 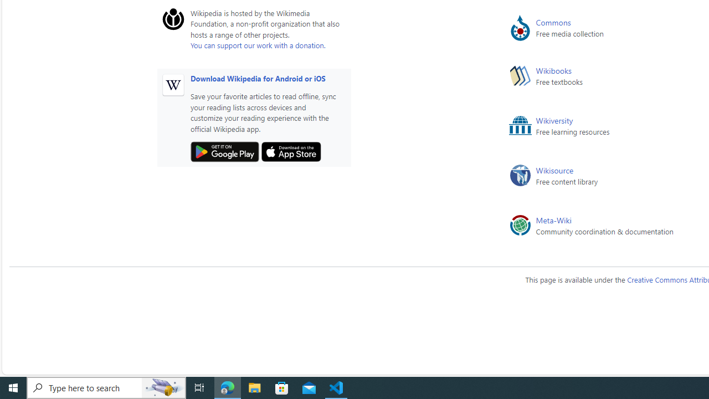 What do you see at coordinates (291, 152) in the screenshot?
I see `'Apple App Store'` at bounding box center [291, 152].